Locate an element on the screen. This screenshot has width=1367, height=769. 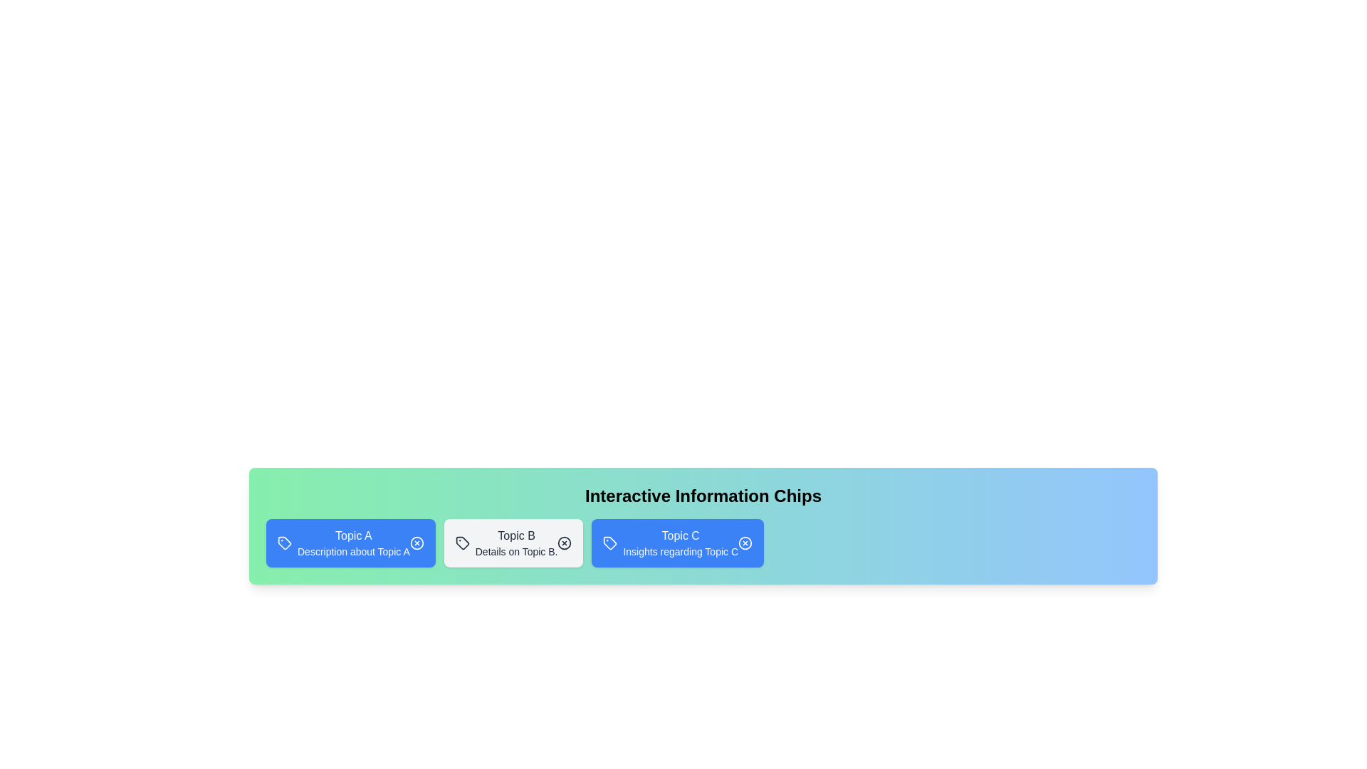
the close button of the chip labeled Topic B is located at coordinates (564, 543).